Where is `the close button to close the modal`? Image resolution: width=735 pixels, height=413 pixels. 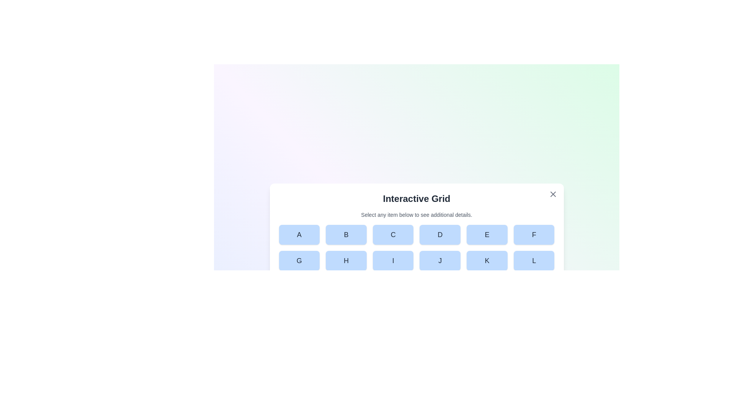
the close button to close the modal is located at coordinates (553, 194).